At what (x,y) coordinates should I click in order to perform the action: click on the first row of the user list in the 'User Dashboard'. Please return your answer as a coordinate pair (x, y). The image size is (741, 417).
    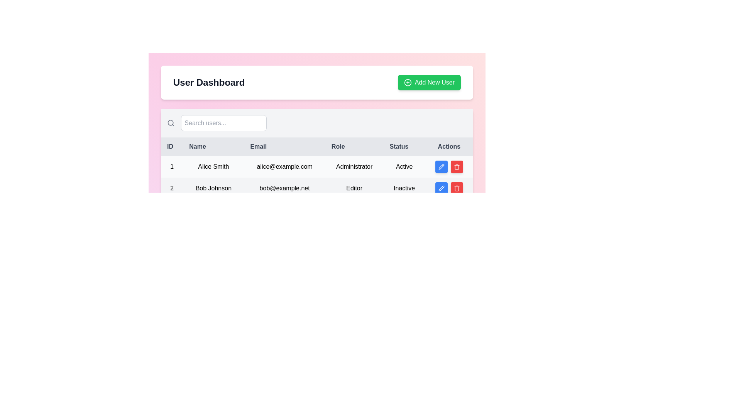
    Looking at the image, I should click on (317, 166).